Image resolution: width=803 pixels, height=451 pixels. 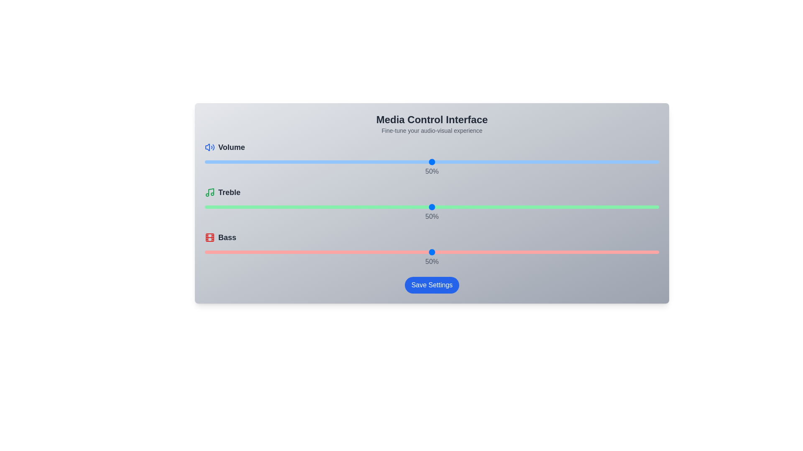 I want to click on the bold header text 'Media Control Interface' which is centrally positioned at the top of the interface, so click(x=432, y=119).